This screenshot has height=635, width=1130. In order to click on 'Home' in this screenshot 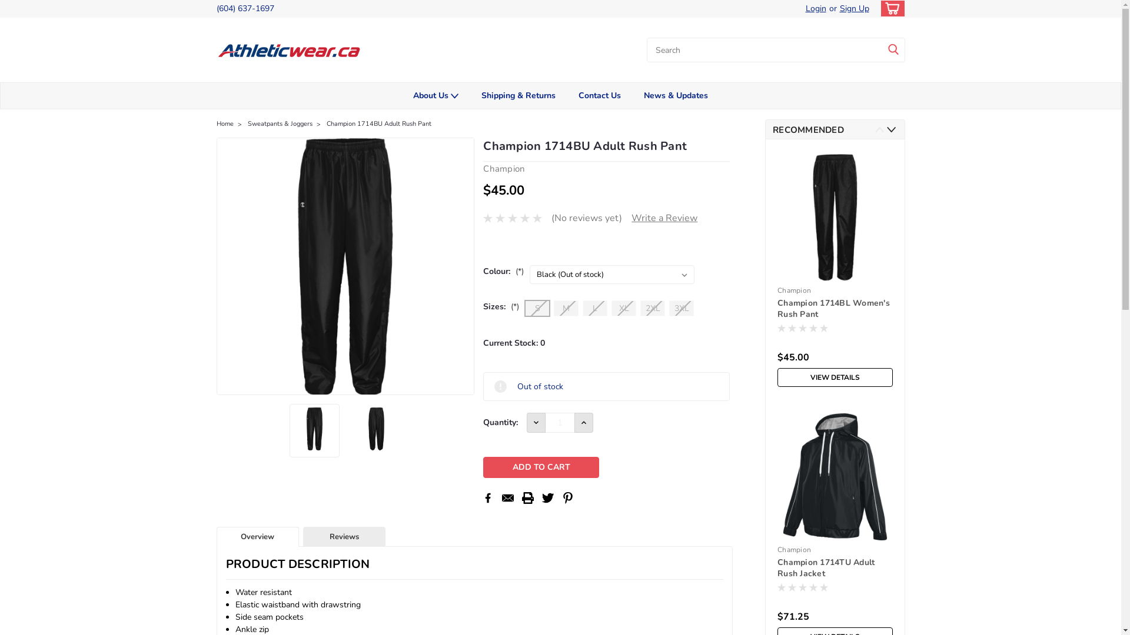, I will do `click(225, 123)`.